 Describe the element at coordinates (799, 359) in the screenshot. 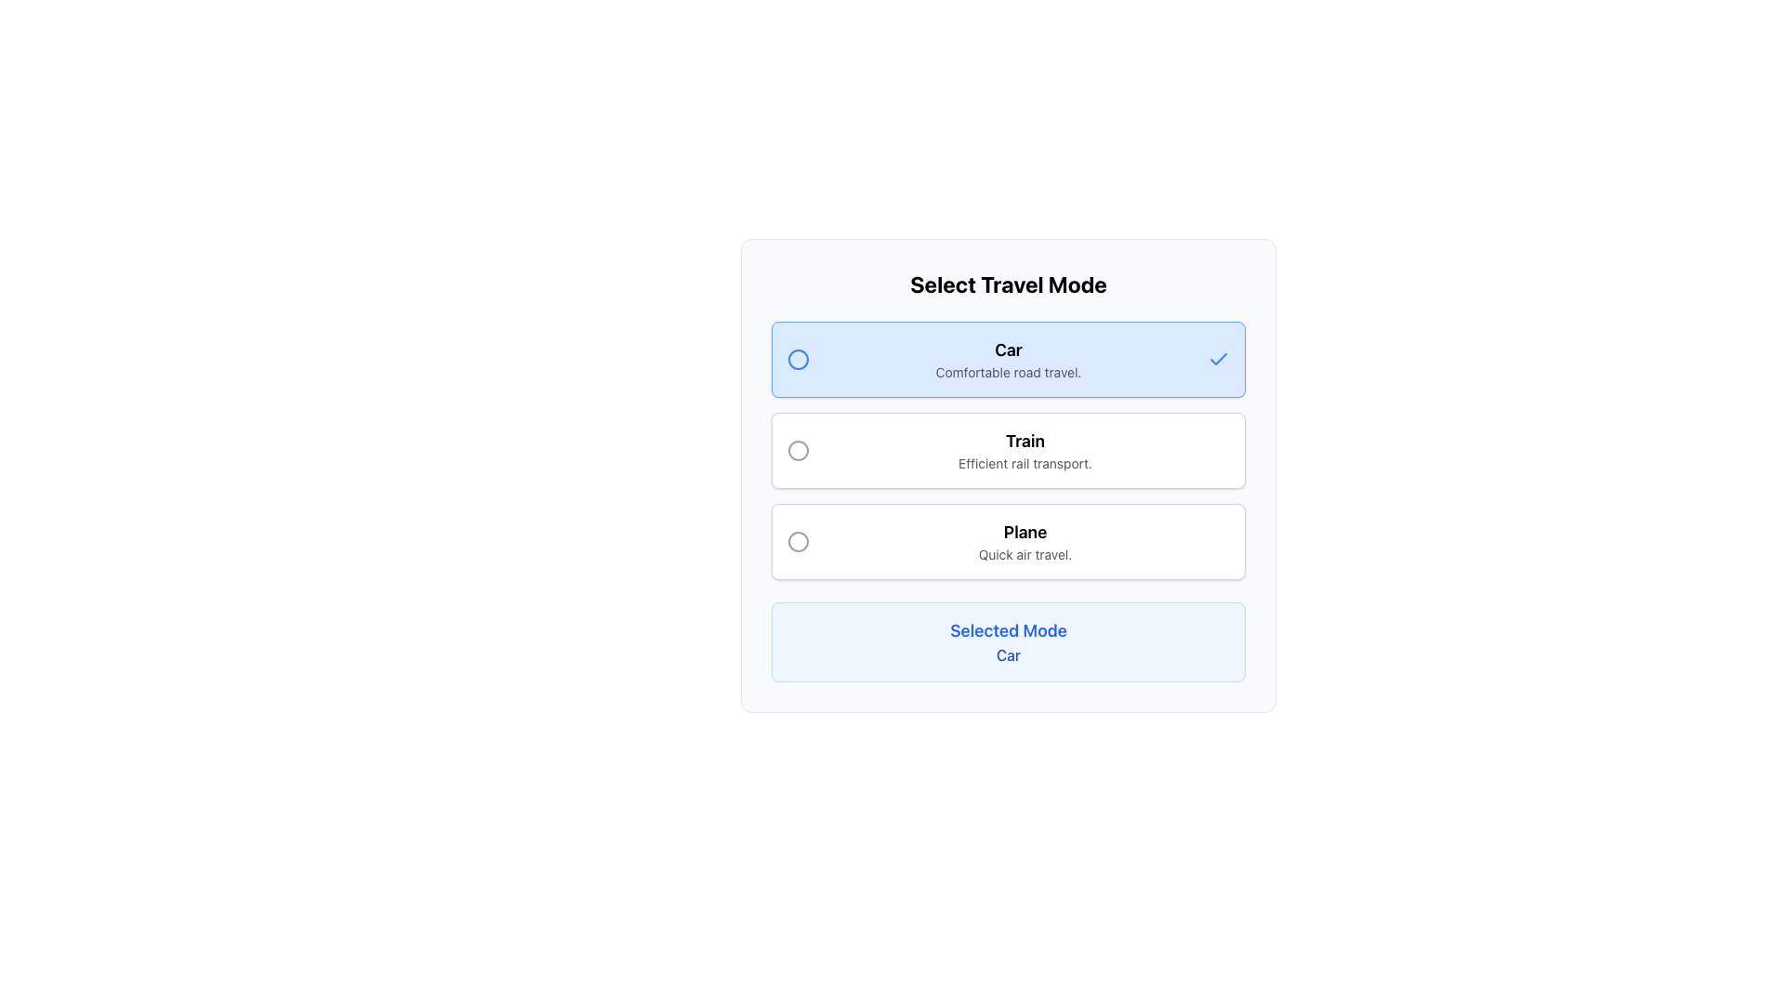

I see `the state of the SVG Circle representing the active state of the 'Car' option in the travel mode selection interface` at that location.